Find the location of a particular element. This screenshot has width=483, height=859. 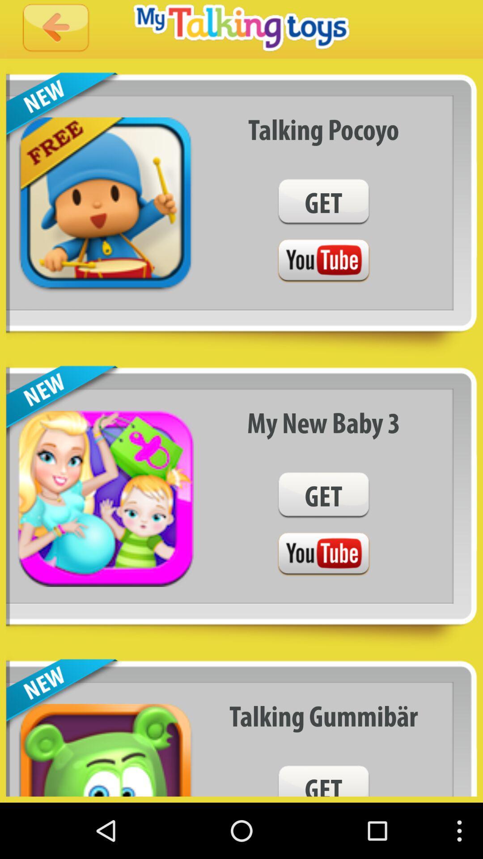

youtube is located at coordinates (323, 261).